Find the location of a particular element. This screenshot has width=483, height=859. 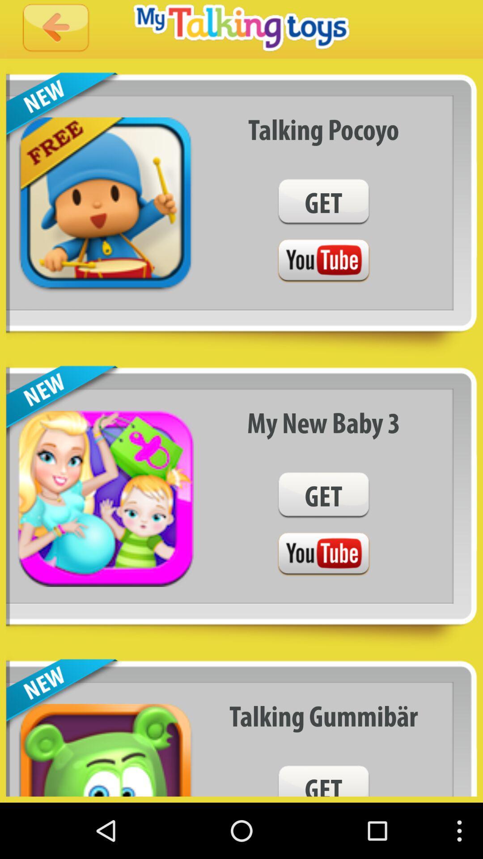

youtube is located at coordinates (323, 261).